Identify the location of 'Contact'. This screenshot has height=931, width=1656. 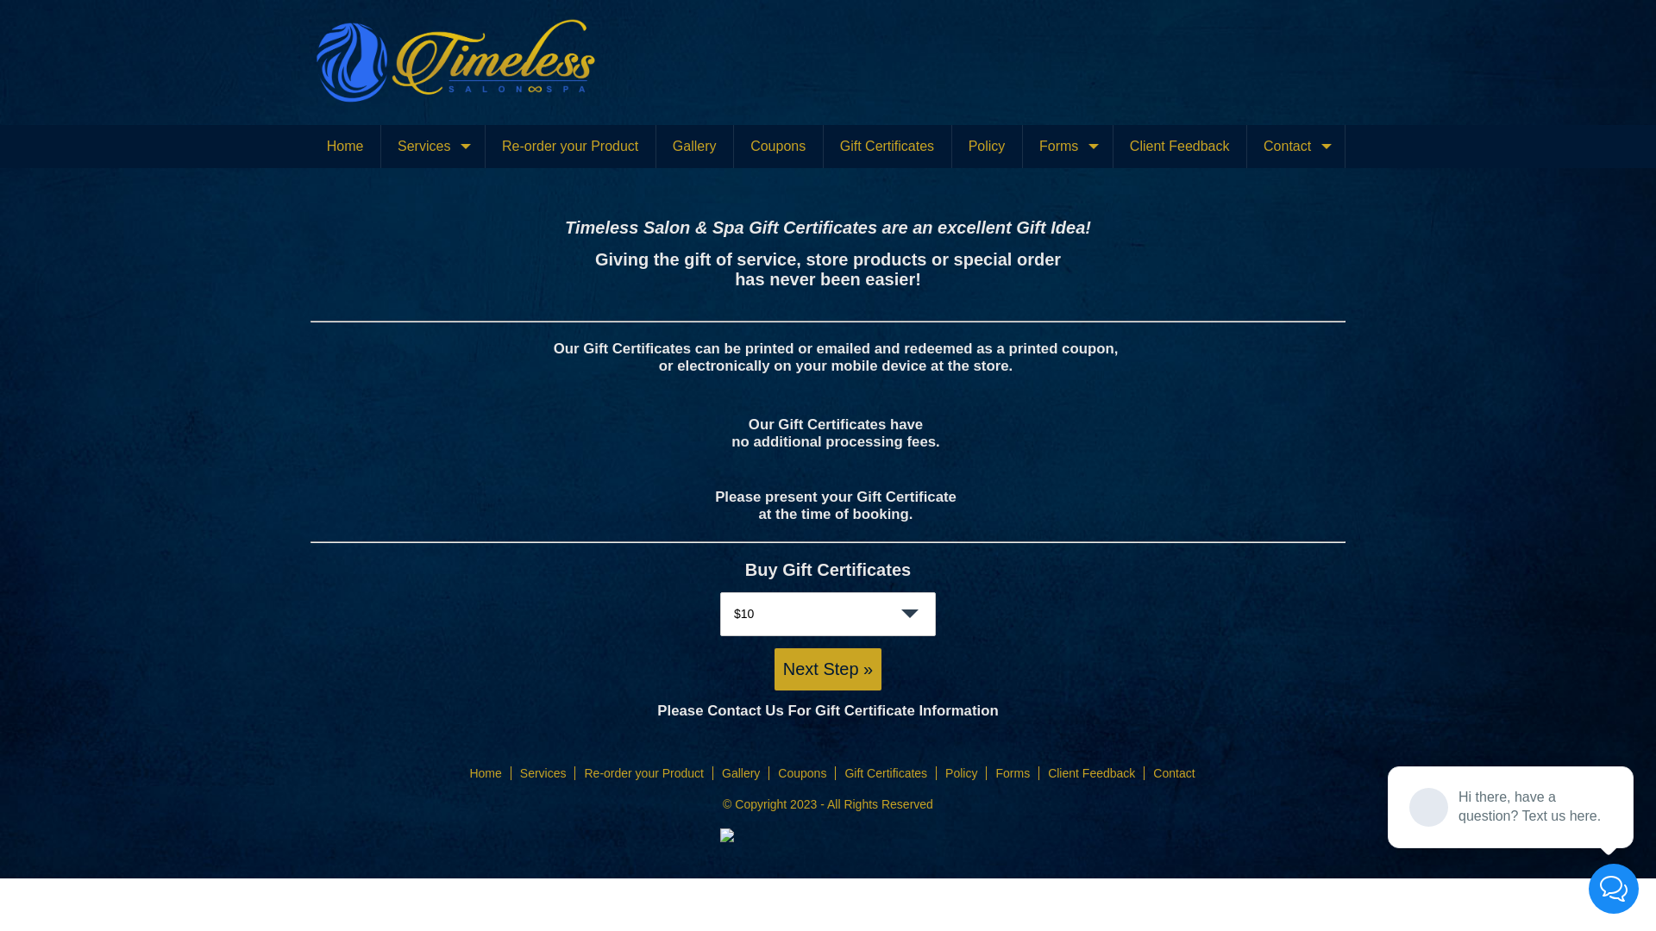
(1173, 772).